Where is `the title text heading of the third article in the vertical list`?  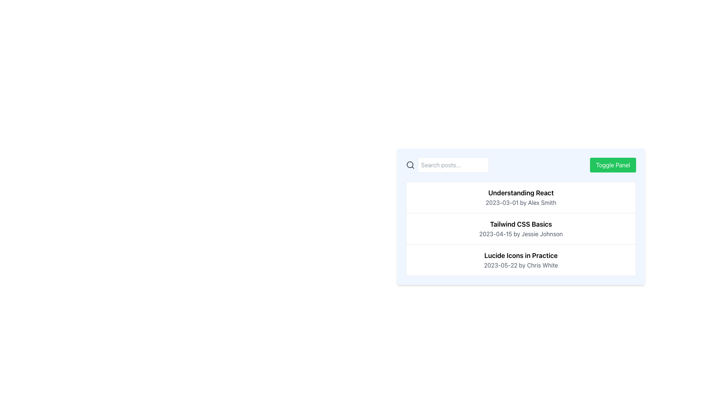 the title text heading of the third article in the vertical list is located at coordinates (520, 255).